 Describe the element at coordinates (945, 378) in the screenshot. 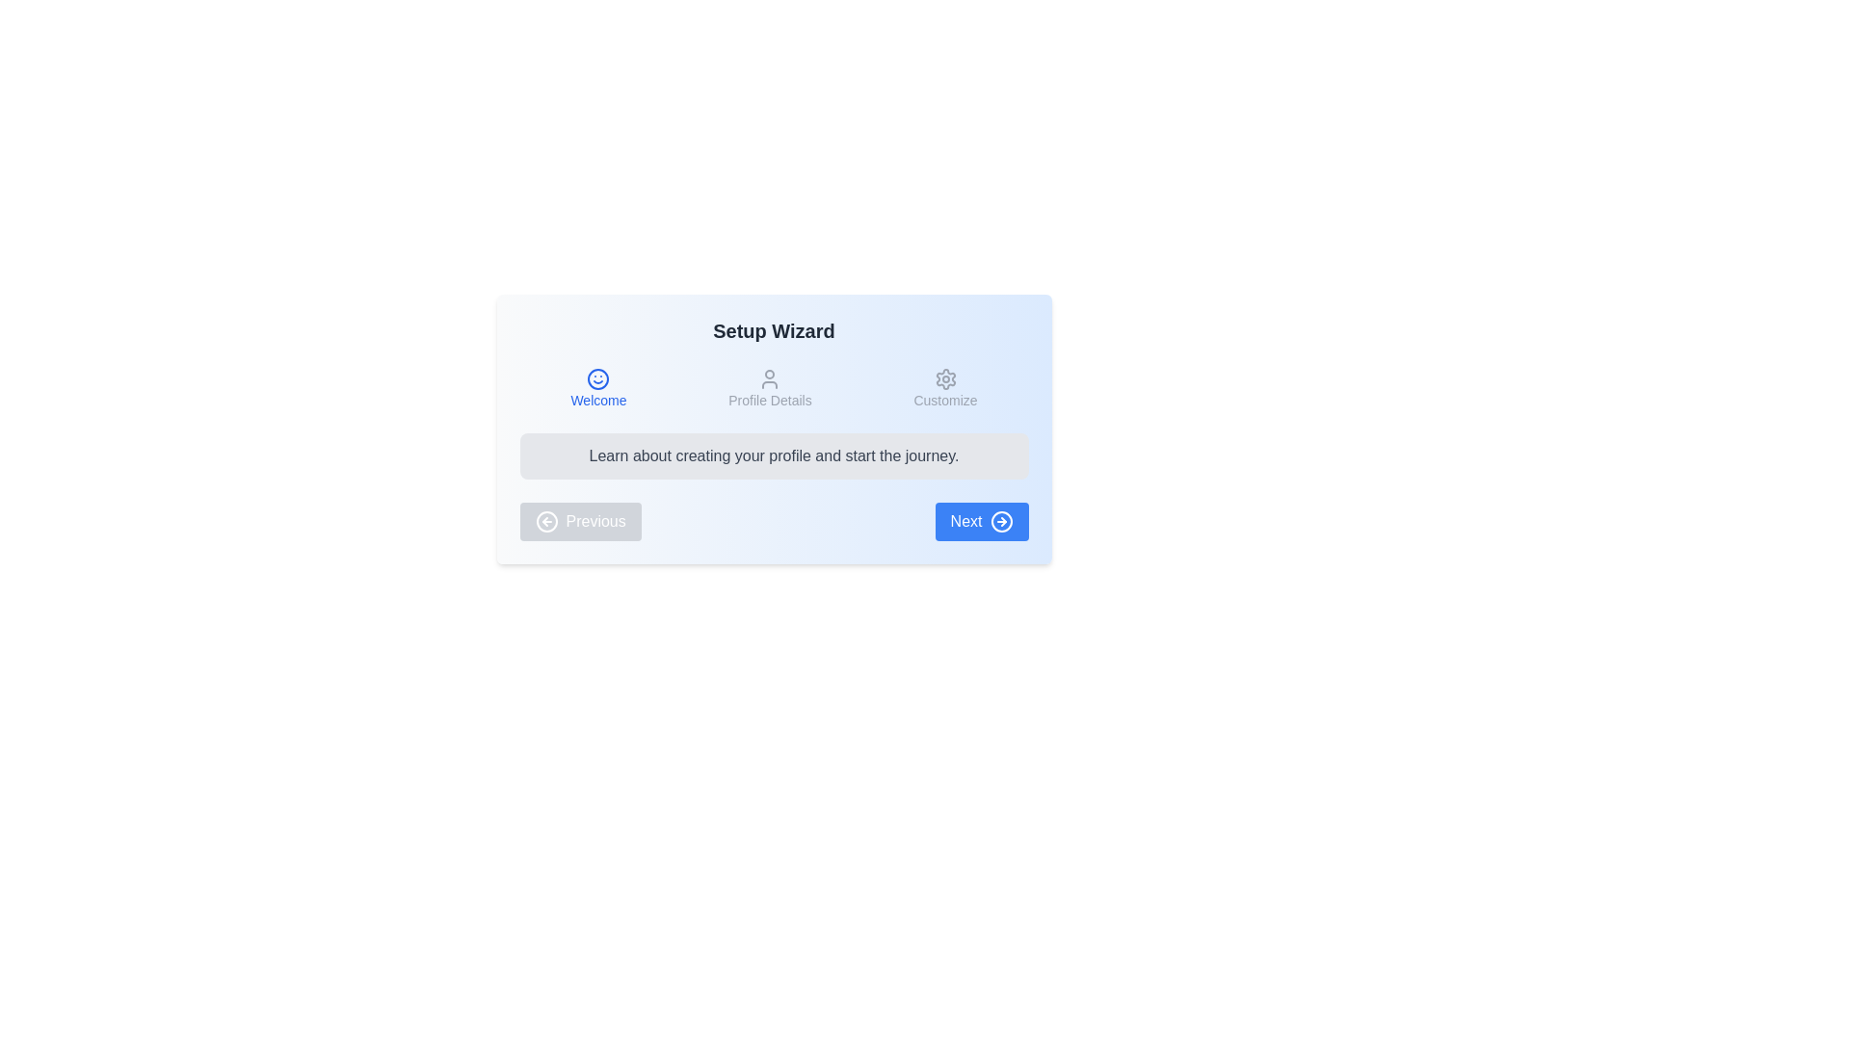

I see `the gear-like icon indicating settings, located on the far right of the navigation sequence labeled 'Customize'` at that location.